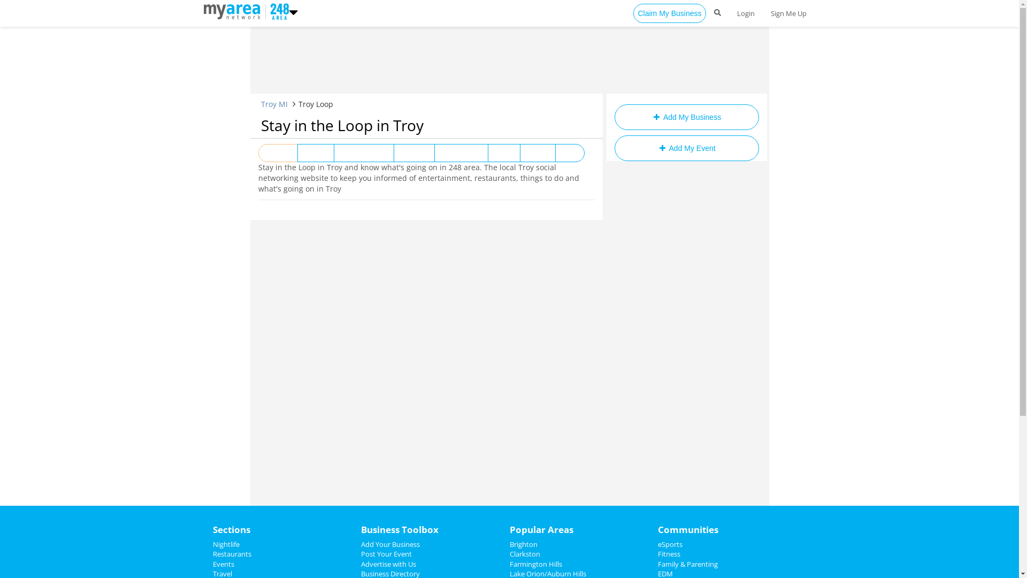 The image size is (1027, 578). I want to click on 'View All', so click(278, 153).